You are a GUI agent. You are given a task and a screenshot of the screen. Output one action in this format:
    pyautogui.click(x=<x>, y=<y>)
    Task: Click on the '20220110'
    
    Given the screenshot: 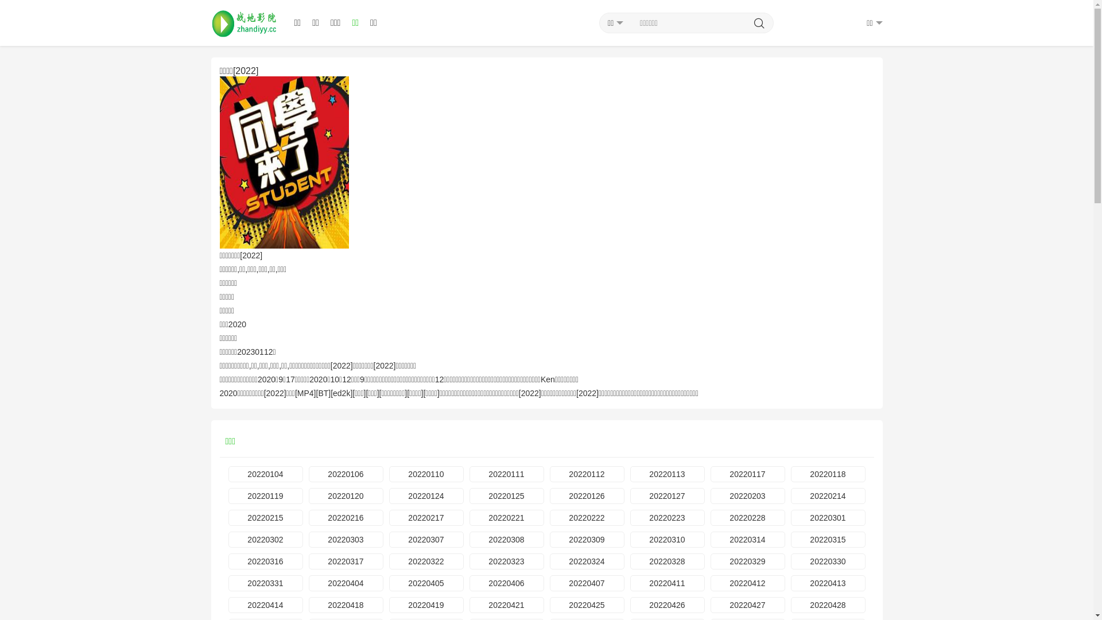 What is the action you would take?
    pyautogui.click(x=426, y=474)
    